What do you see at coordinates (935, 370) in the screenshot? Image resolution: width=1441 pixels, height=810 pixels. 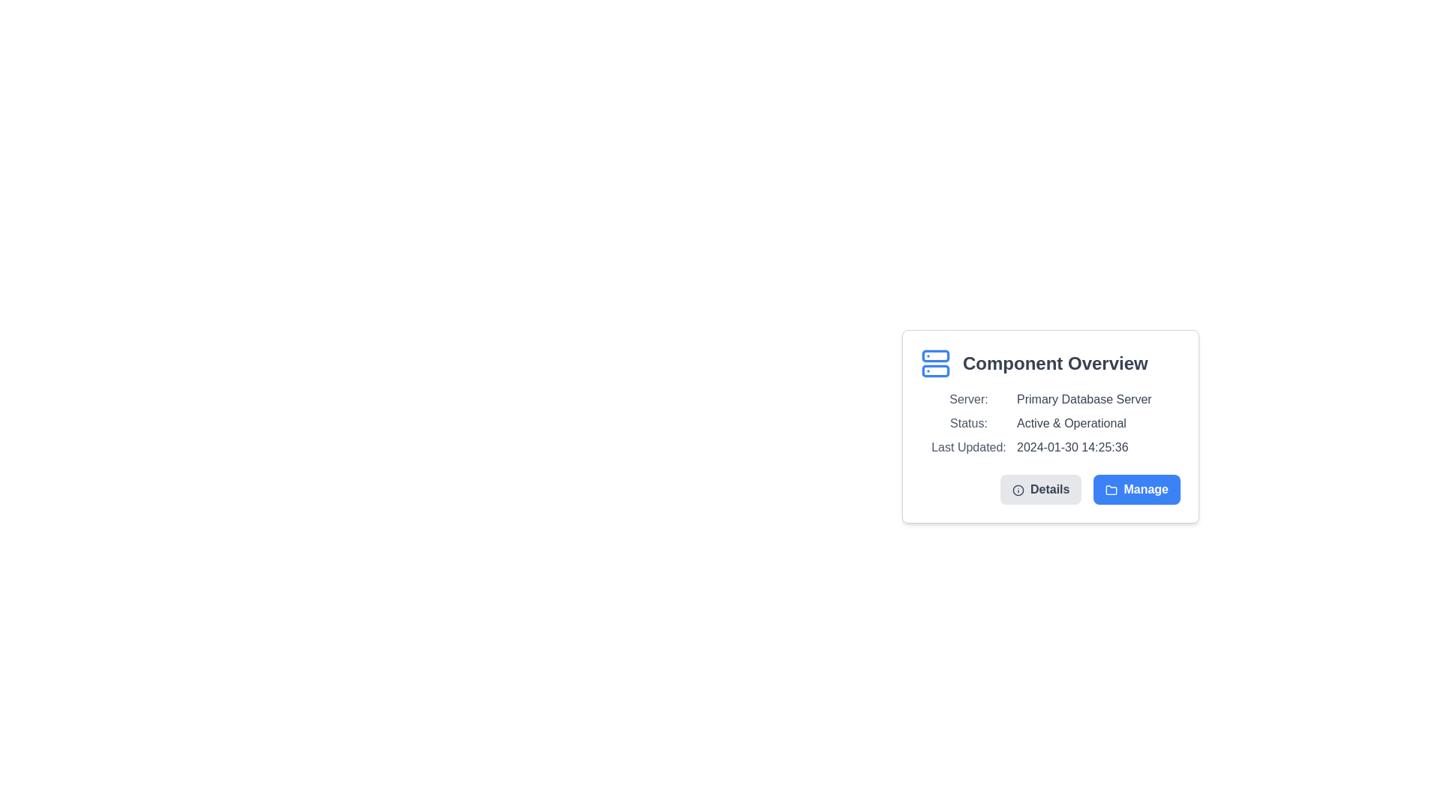 I see `the decorative rectangle within the server icon, which is positioned in the second tier and has rounded corners` at bounding box center [935, 370].